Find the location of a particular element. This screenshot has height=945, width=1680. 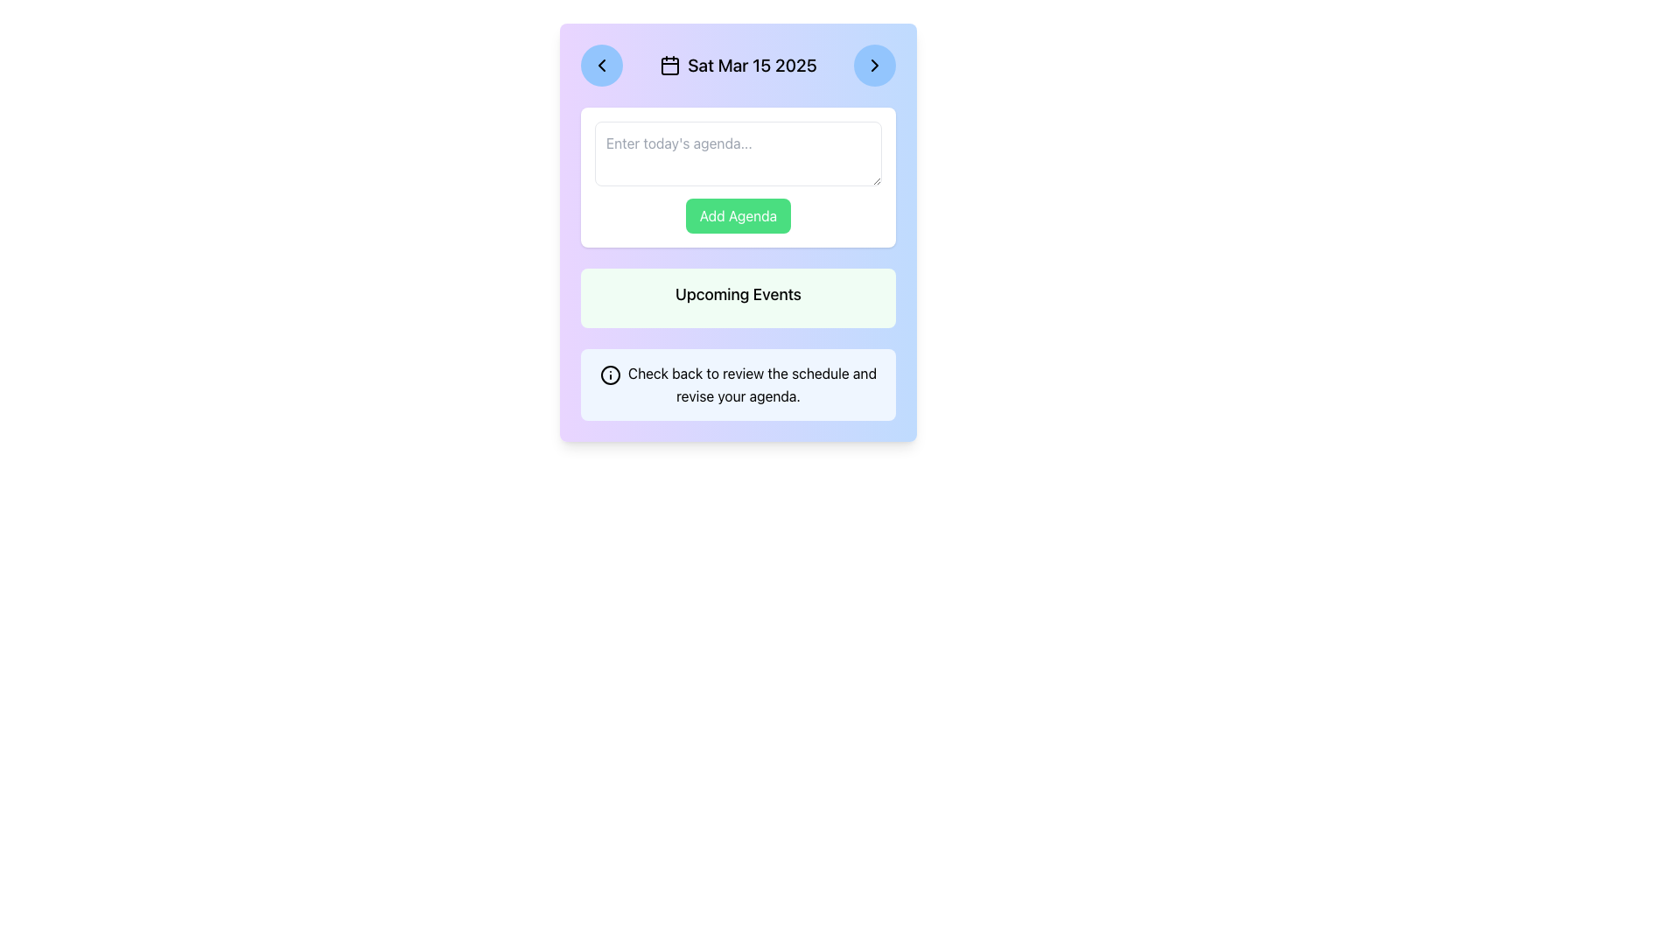

the static text display showing the date 'Sat Mar 15 2025' with a calendar icon to the left, located in the header section of the main card layout is located at coordinates (738, 64).